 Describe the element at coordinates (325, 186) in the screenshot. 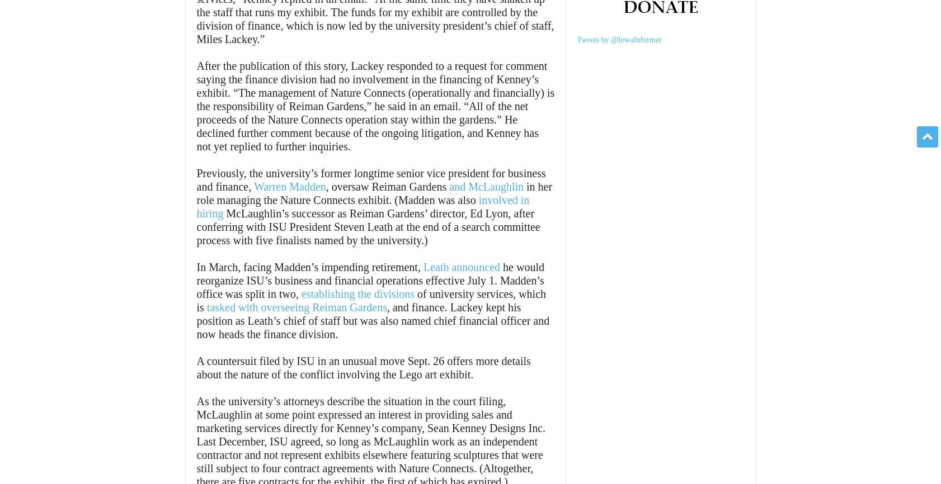

I see `', oversaw Reiman Gardens'` at that location.